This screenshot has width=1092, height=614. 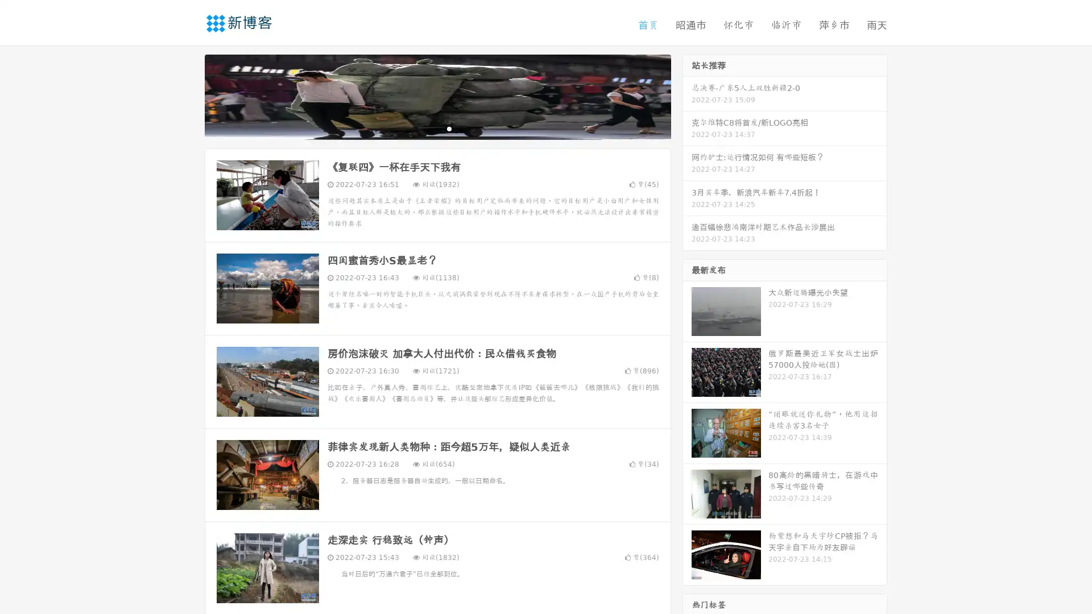 I want to click on Go to slide 2, so click(x=437, y=128).